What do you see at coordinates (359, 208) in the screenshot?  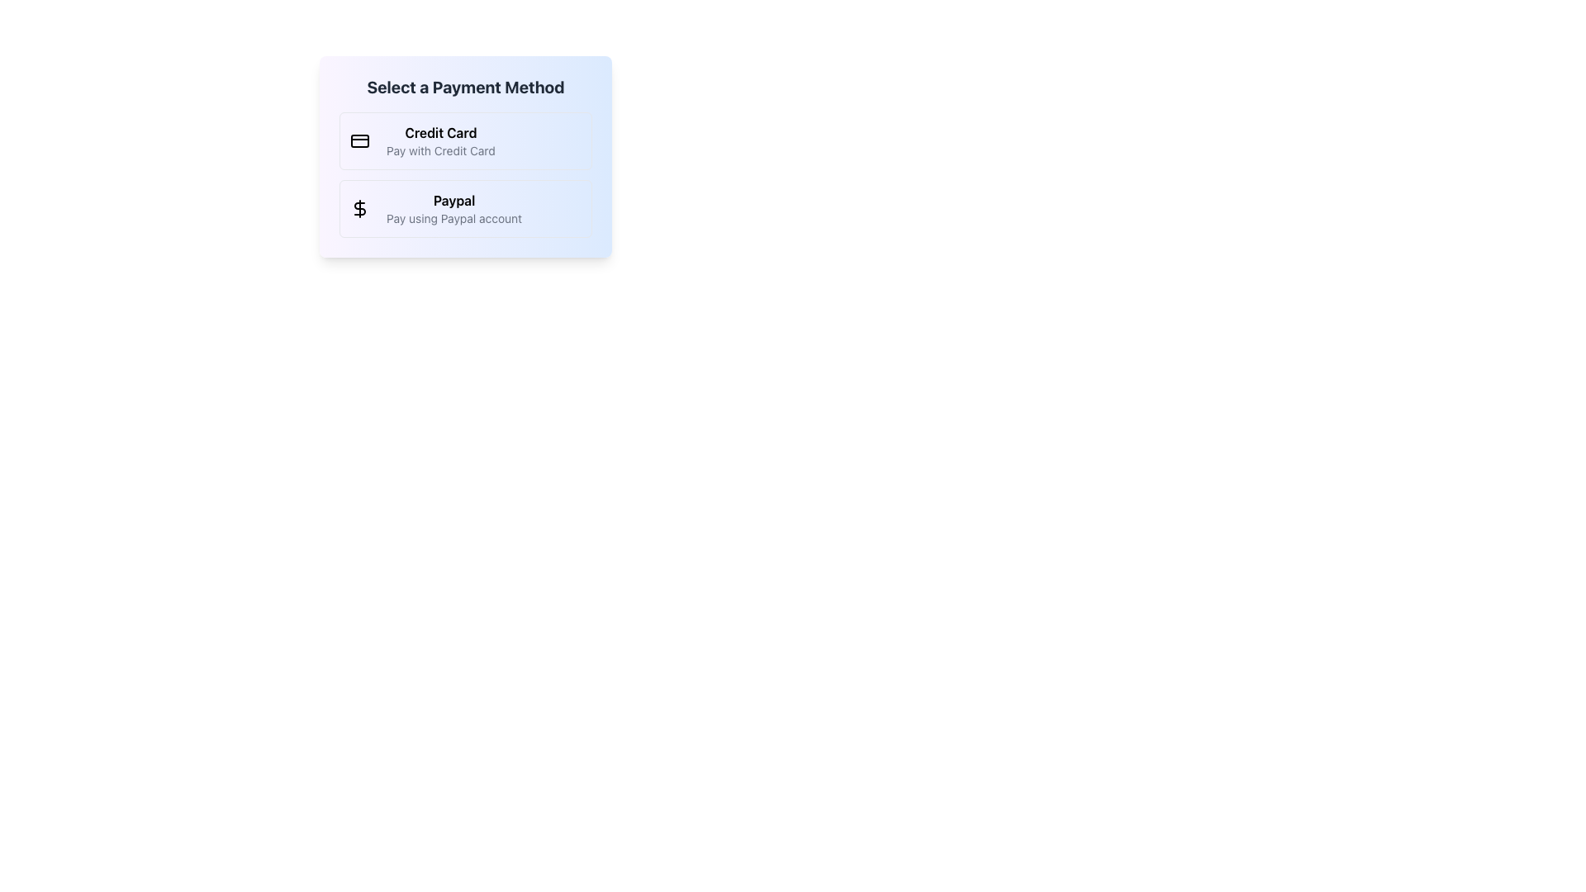 I see `the Paypal payment method icon, which is located to the left of the text inside the Paypal button, the second option in the list of payment methods` at bounding box center [359, 208].